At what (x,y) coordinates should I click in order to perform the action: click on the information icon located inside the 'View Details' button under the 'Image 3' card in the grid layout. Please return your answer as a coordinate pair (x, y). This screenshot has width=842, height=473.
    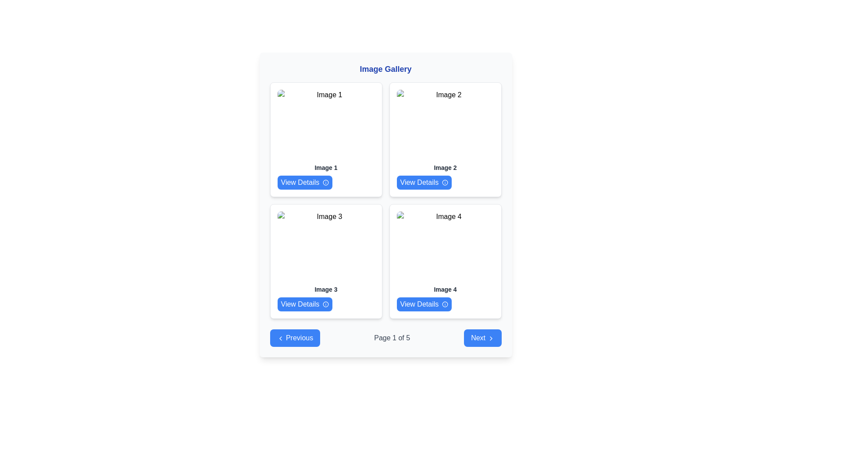
    Looking at the image, I should click on (325, 304).